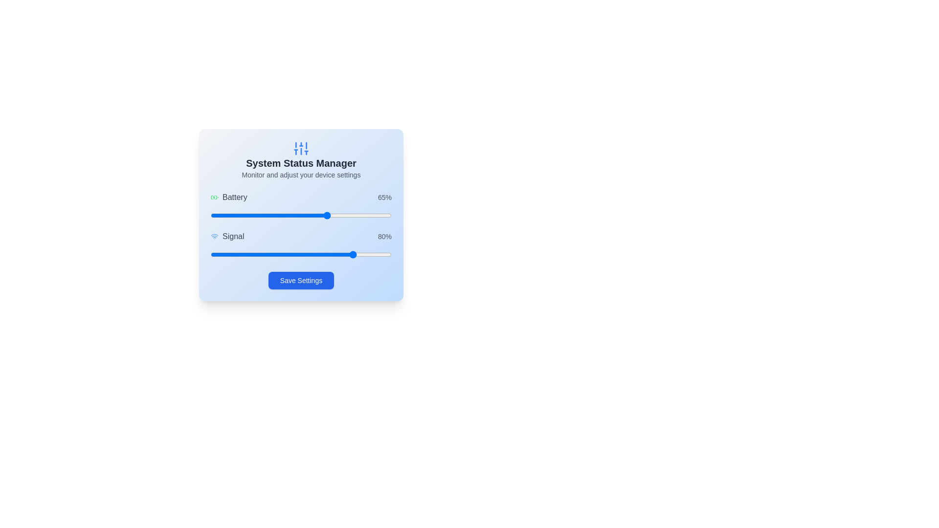 This screenshot has height=528, width=939. Describe the element at coordinates (281, 254) in the screenshot. I see `the signal strength slider to 39%` at that location.